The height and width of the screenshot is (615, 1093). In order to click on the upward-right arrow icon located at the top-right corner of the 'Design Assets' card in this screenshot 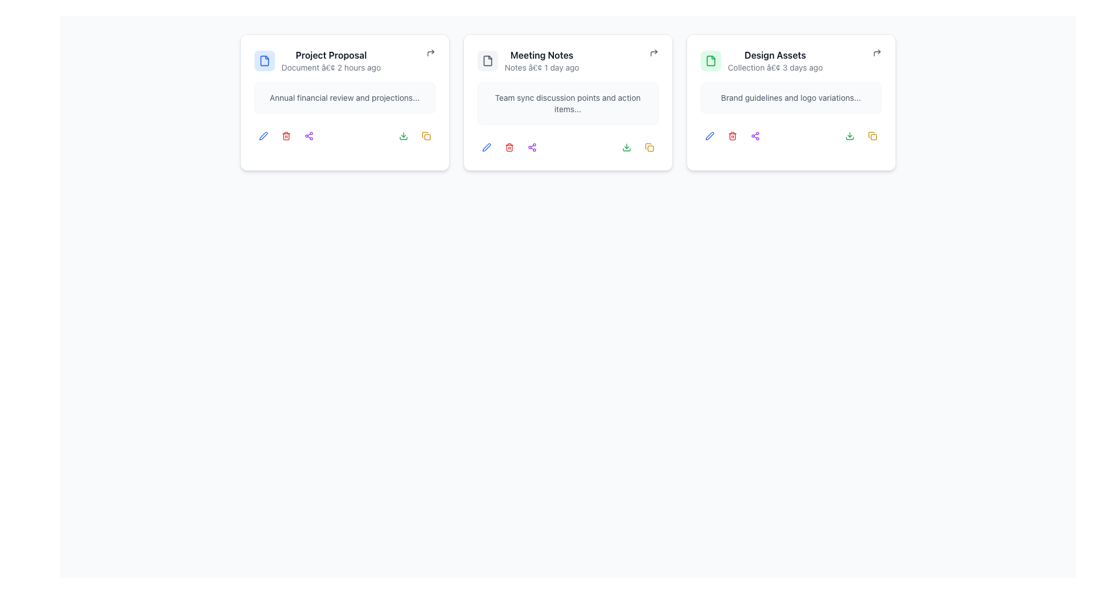, I will do `click(876, 52)`.